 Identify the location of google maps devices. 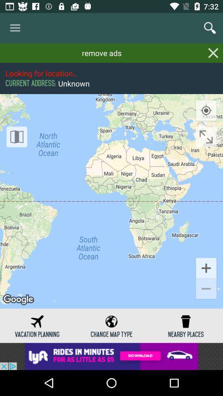
(17, 137).